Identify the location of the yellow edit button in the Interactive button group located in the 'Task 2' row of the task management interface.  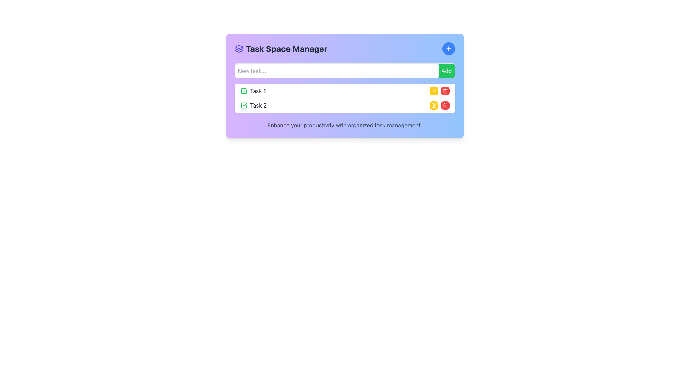
(439, 105).